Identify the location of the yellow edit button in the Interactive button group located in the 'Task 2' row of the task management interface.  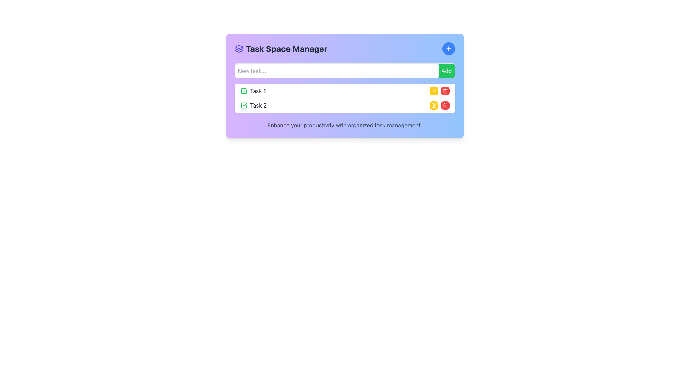
(439, 105).